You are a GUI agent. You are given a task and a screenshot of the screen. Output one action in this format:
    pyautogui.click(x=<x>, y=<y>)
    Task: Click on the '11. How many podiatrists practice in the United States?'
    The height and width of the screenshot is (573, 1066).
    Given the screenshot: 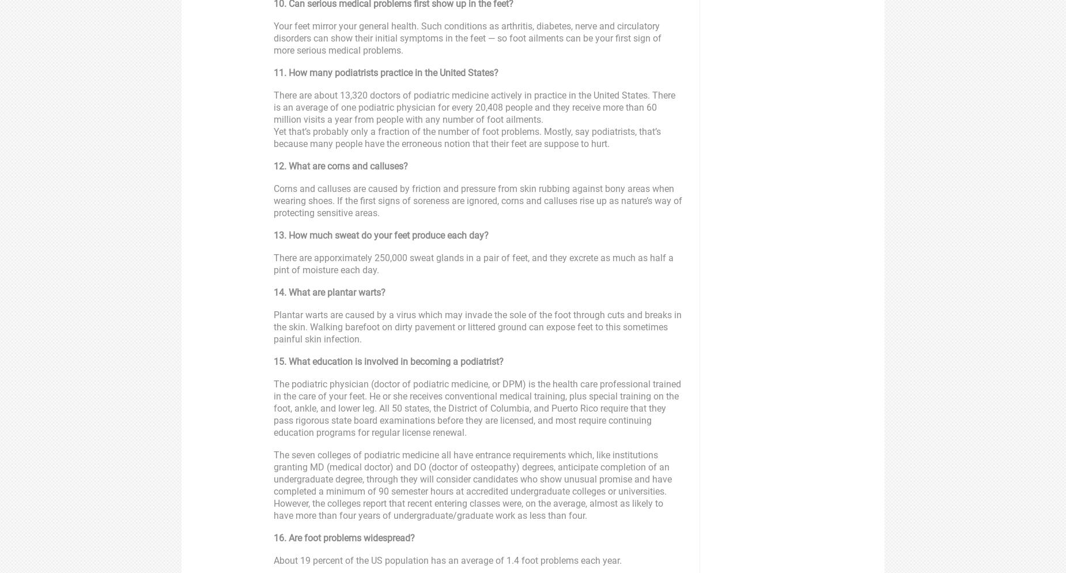 What is the action you would take?
    pyautogui.click(x=386, y=72)
    